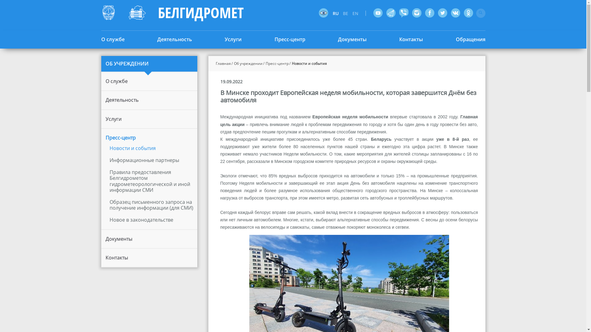  What do you see at coordinates (377, 13) in the screenshot?
I see `'youtube'` at bounding box center [377, 13].